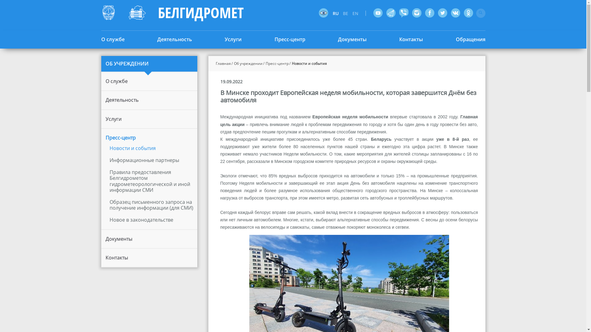  What do you see at coordinates (377, 13) in the screenshot?
I see `'youtube'` at bounding box center [377, 13].